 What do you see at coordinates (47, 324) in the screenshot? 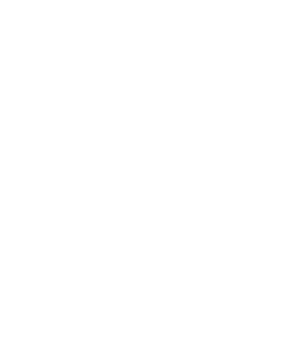
I see `'January 2018'` at bounding box center [47, 324].